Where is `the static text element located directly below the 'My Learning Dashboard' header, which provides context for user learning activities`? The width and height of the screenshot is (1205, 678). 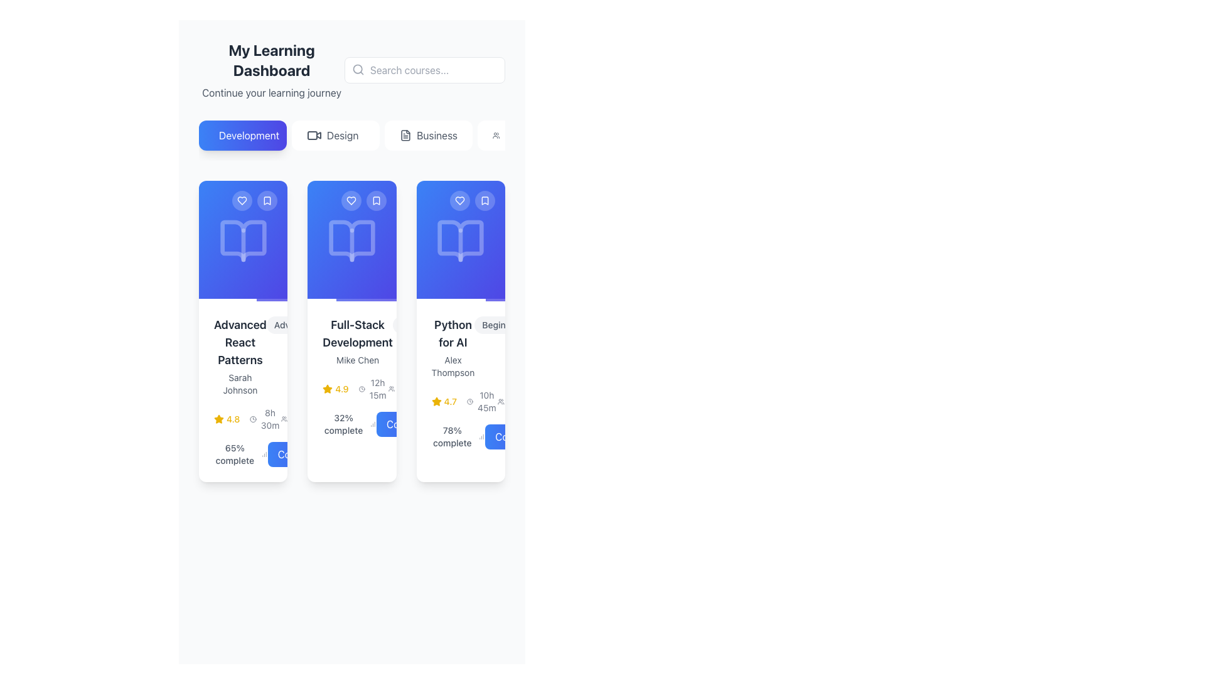
the static text element located directly below the 'My Learning Dashboard' header, which provides context for user learning activities is located at coordinates (270, 92).